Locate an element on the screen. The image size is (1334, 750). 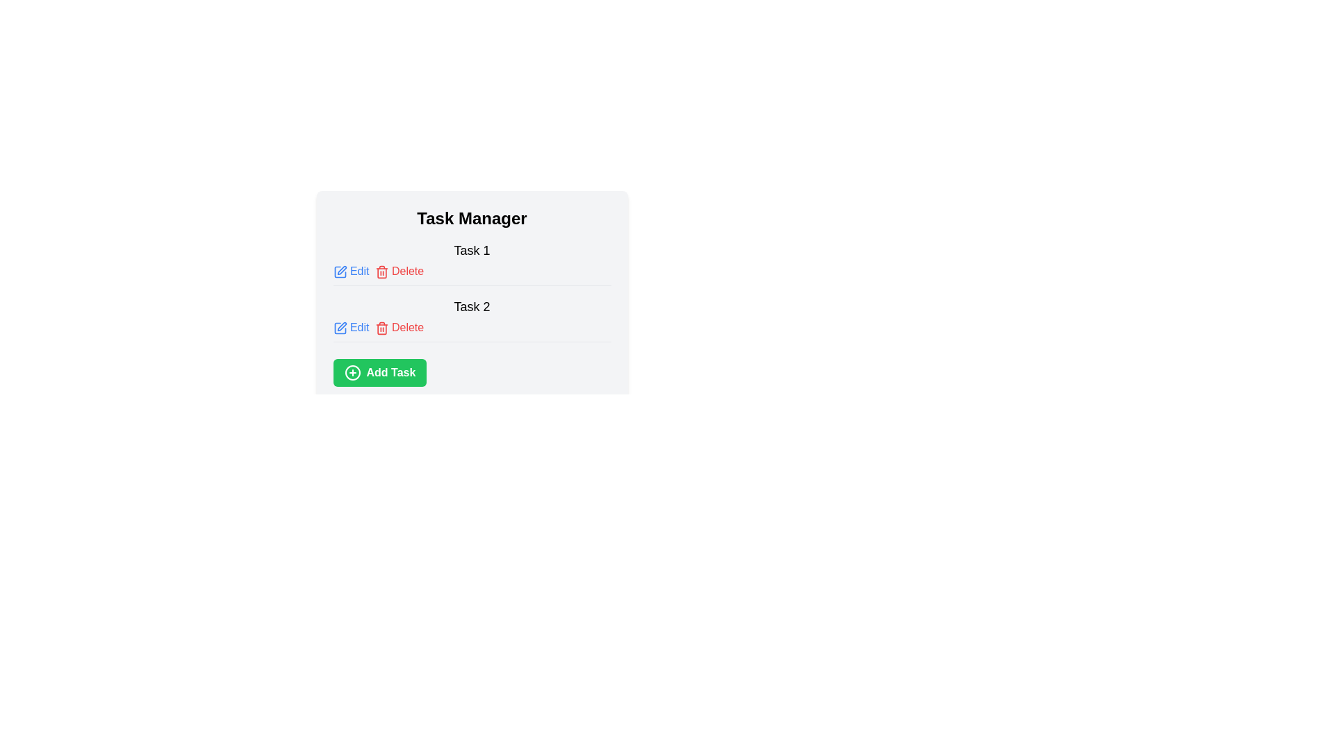
text displayed in the bold and larger font style labeled 'Task 2', which is center-aligned in the second row under the 'Task Manager' section is located at coordinates (472, 306).